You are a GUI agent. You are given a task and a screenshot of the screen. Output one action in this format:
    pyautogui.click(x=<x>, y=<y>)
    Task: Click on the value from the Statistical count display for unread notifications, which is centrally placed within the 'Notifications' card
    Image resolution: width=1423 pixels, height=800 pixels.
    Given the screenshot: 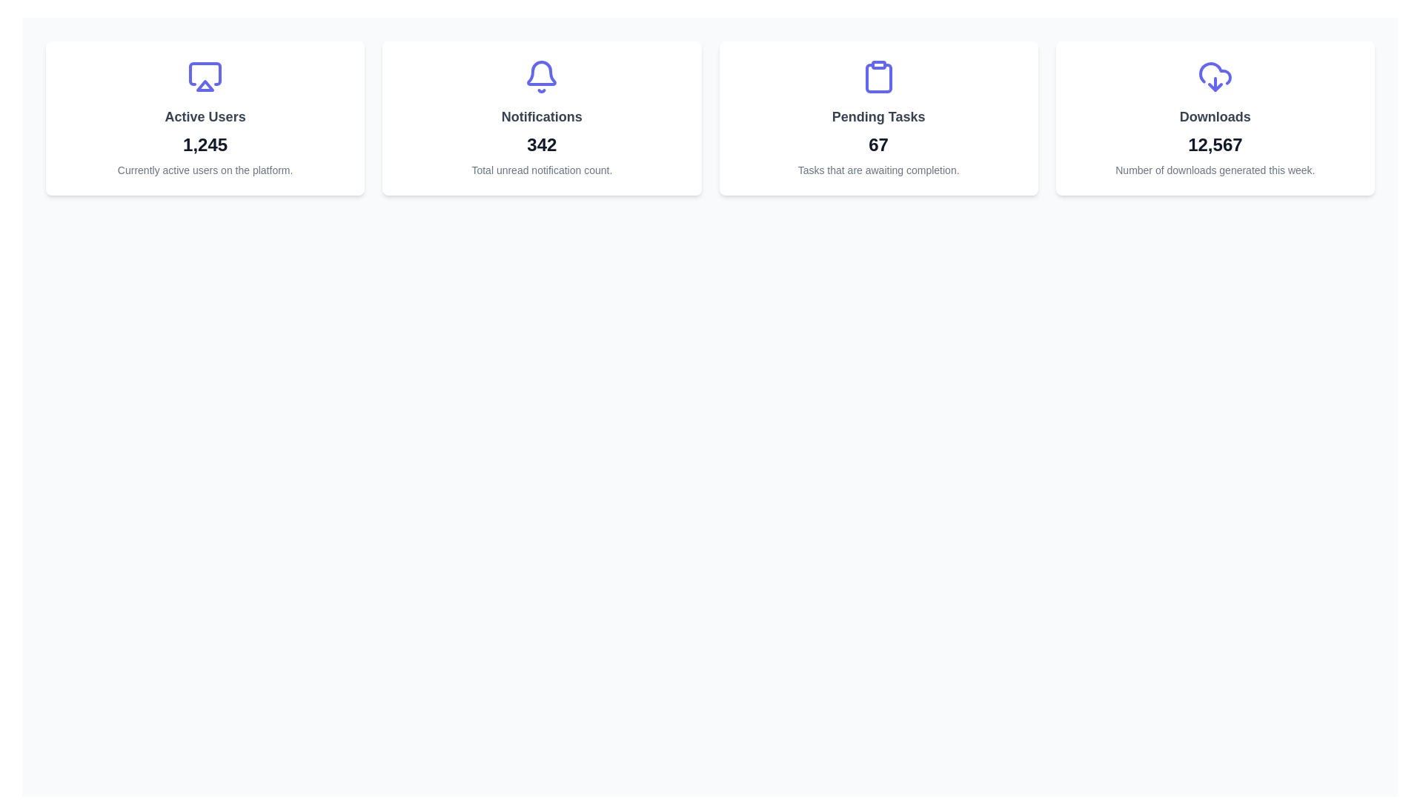 What is the action you would take?
    pyautogui.click(x=541, y=145)
    